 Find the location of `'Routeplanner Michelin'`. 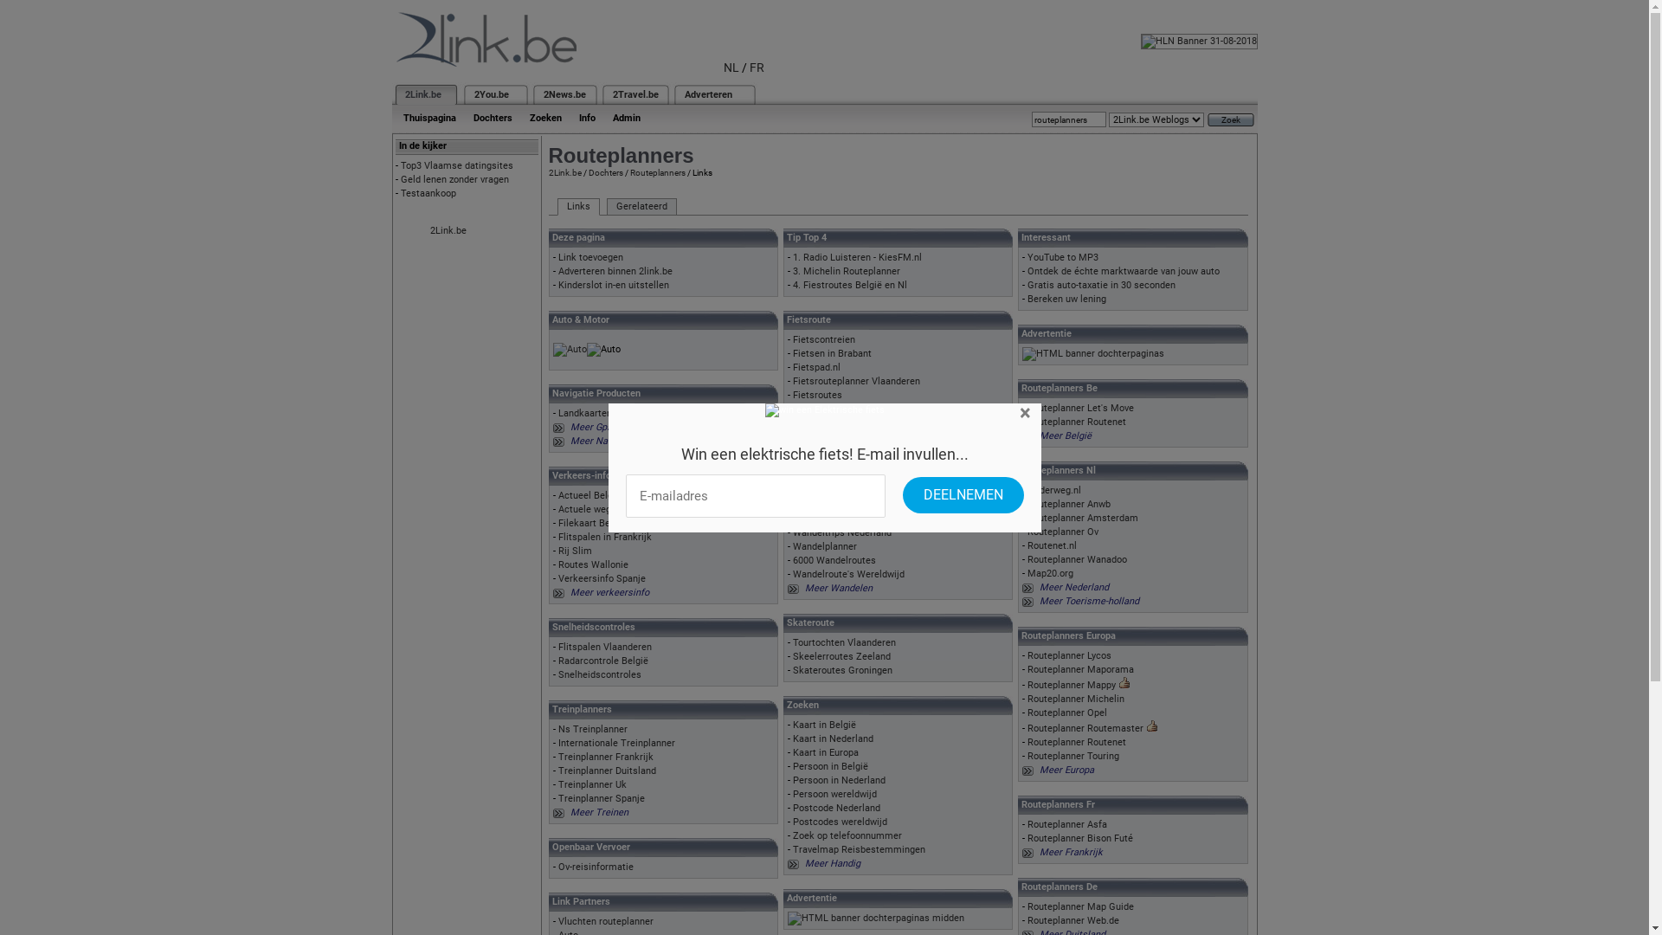

'Routeplanner Michelin' is located at coordinates (1075, 698).